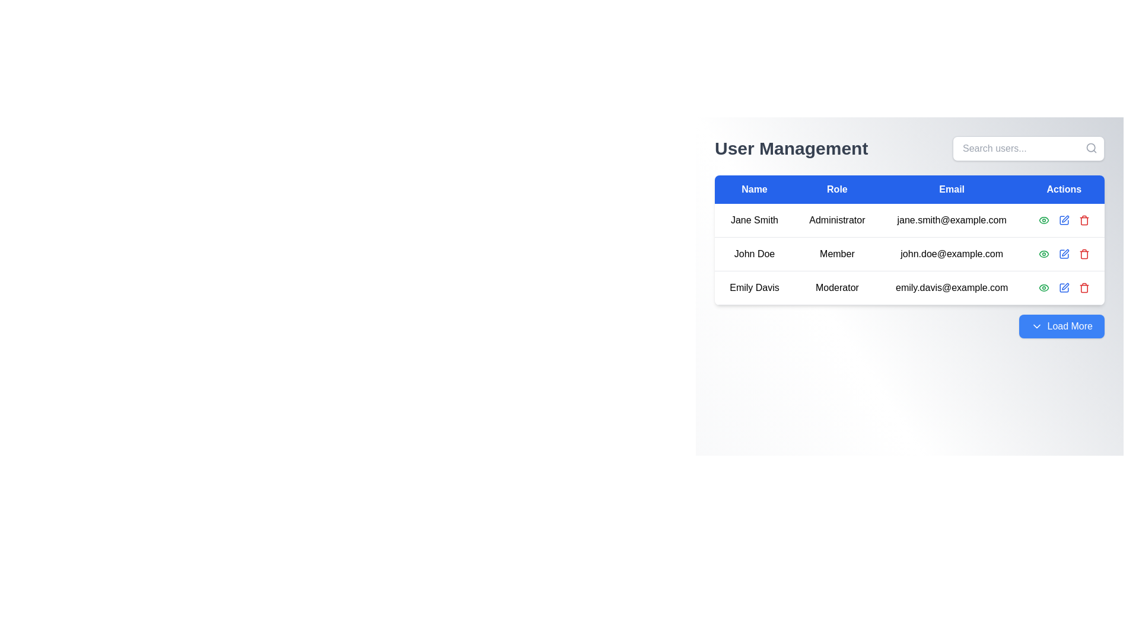 The width and height of the screenshot is (1139, 640). I want to click on the Icon button resembling a pen in the Actions column associated with user 'John Doe', so click(1065, 219).